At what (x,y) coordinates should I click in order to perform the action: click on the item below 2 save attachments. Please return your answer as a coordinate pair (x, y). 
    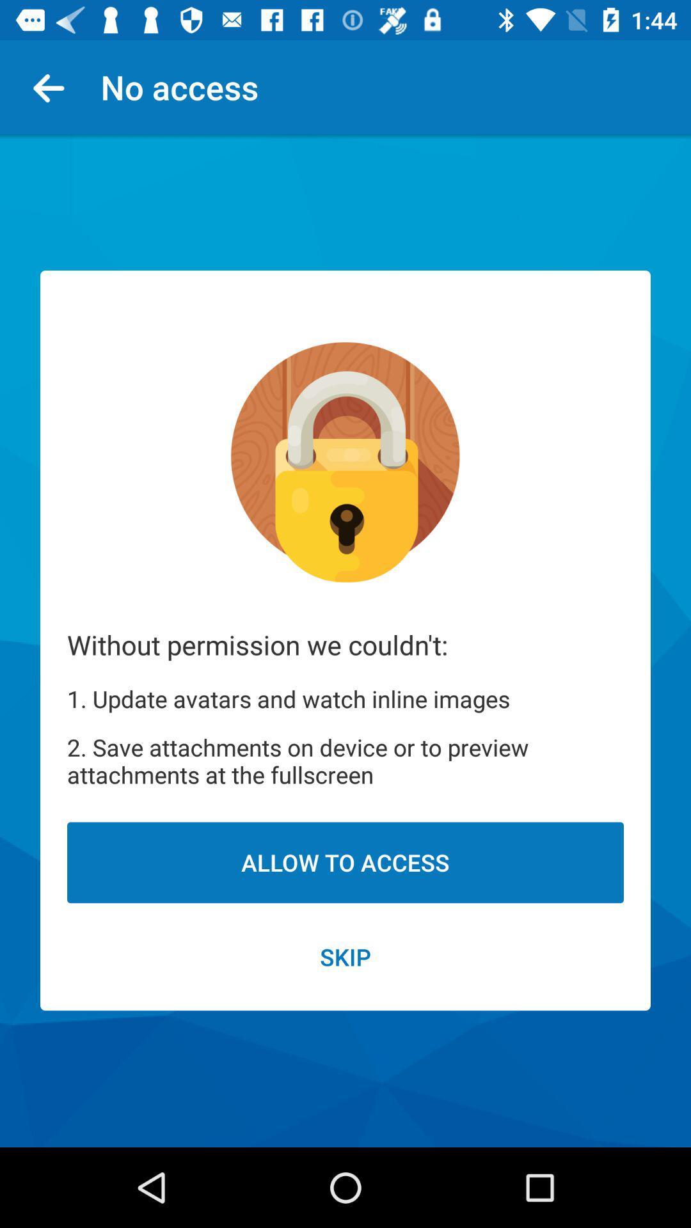
    Looking at the image, I should click on (345, 862).